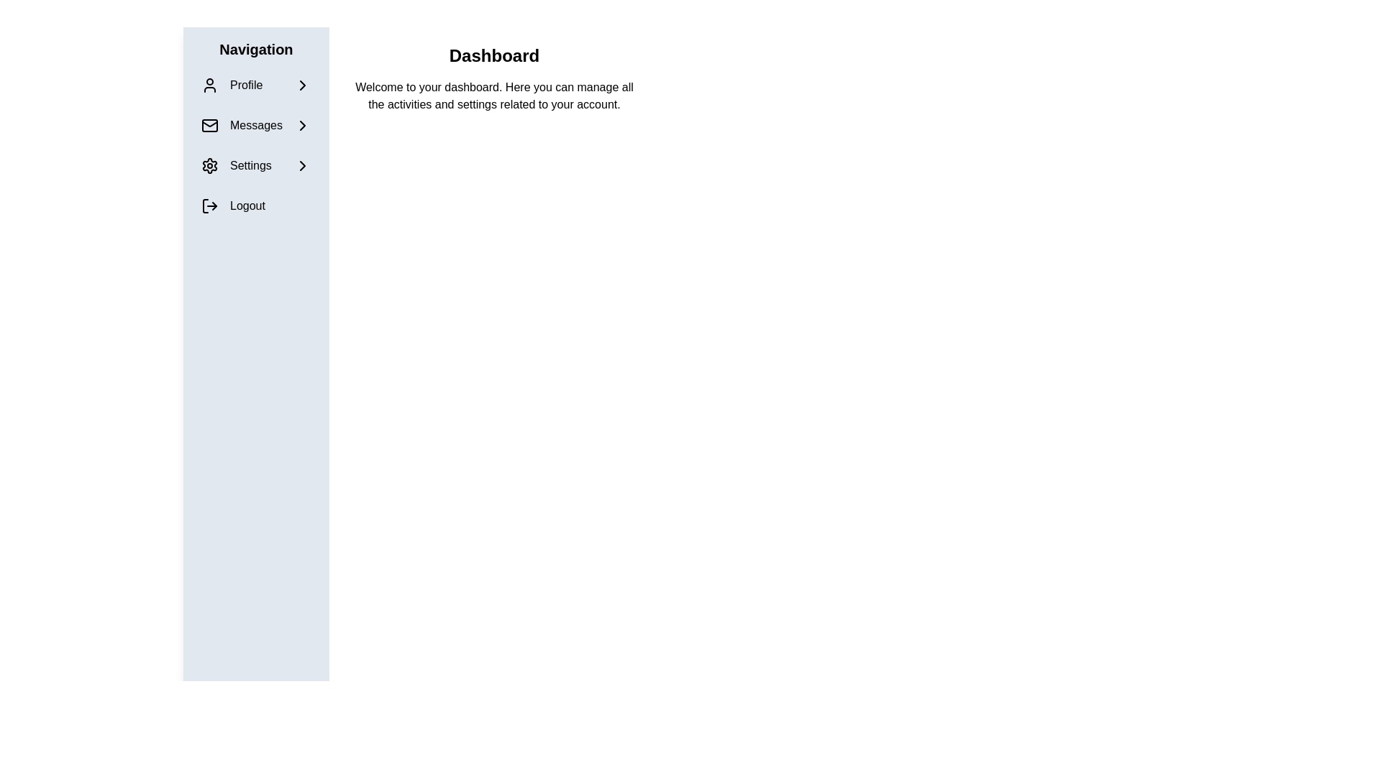 The height and width of the screenshot is (776, 1381). What do you see at coordinates (301, 86) in the screenshot?
I see `the chevron-right icon in the Profile menu item of the navigation bar on the left side of the page` at bounding box center [301, 86].